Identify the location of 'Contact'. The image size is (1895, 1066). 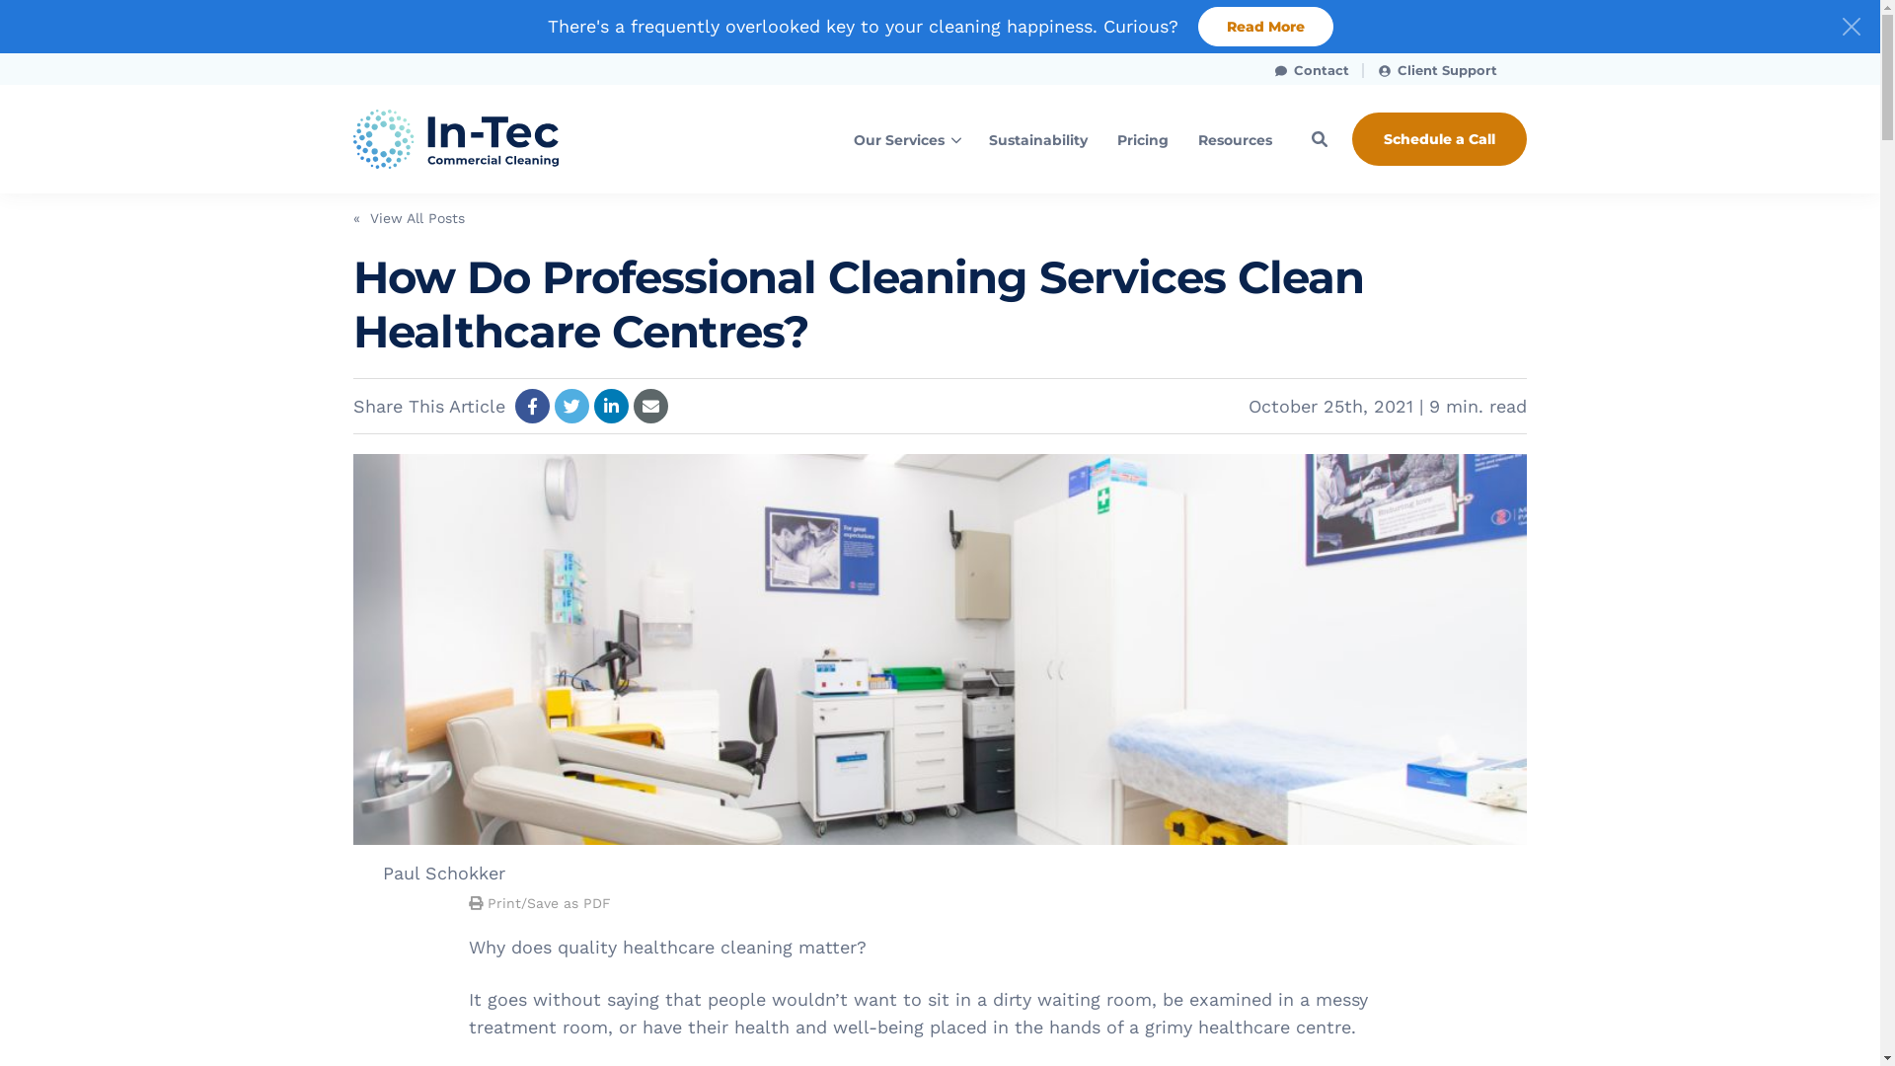
(1312, 67).